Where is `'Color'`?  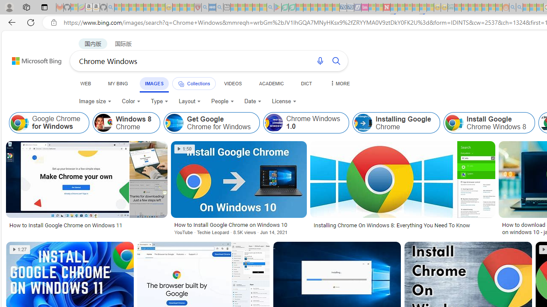 'Color' is located at coordinates (130, 101).